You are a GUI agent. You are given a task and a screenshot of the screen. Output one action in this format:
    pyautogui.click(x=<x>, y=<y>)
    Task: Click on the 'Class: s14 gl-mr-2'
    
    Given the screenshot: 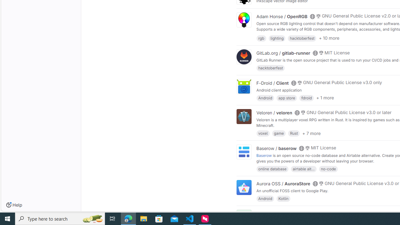 What is the action you would take?
    pyautogui.click(x=318, y=212)
    